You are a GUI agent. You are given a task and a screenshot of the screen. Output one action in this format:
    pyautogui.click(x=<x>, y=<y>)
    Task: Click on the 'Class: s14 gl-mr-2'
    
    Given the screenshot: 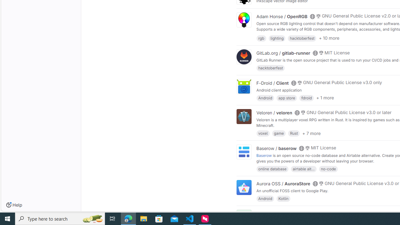 What is the action you would take?
    pyautogui.click(x=318, y=212)
    